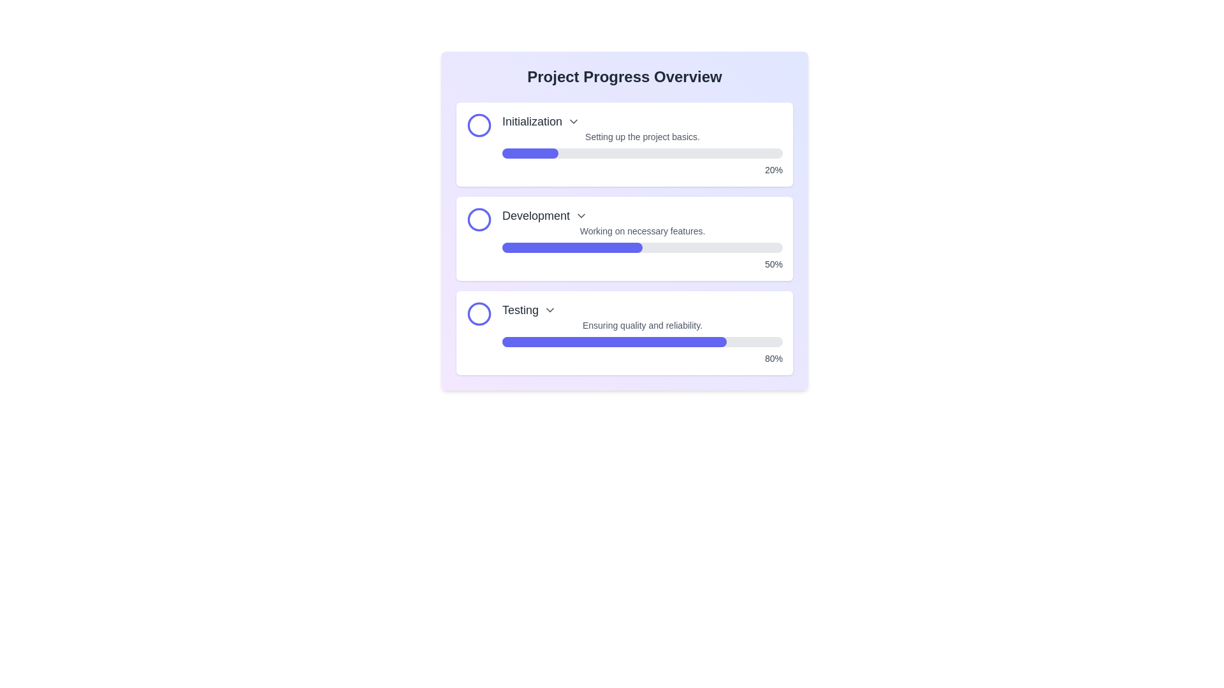 The height and width of the screenshot is (688, 1224). Describe the element at coordinates (479, 219) in the screenshot. I see `the Circular progress indicator icon that indicates the 'Development' phase in the user interface` at that location.